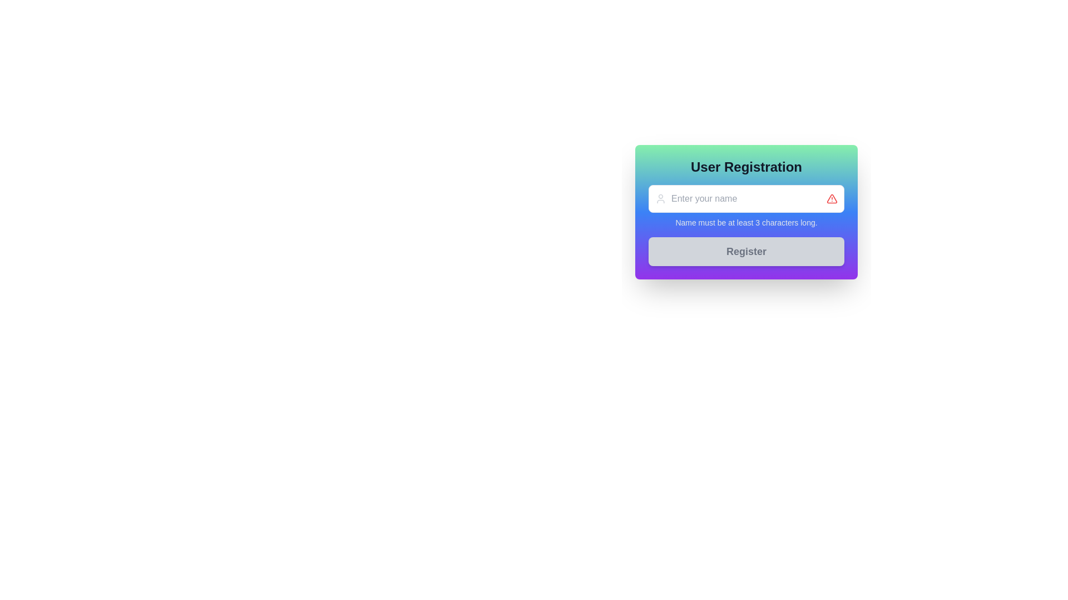 This screenshot has height=600, width=1068. I want to click on the user silhouette icon located to the left of the 'Enter your name' input field, which has a gray color and a circular head with a curved base, so click(661, 198).